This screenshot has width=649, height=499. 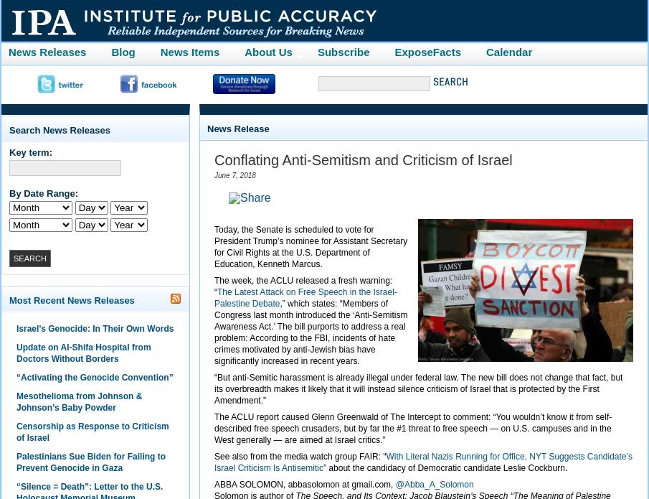 I want to click on 'News Release', so click(x=207, y=129).